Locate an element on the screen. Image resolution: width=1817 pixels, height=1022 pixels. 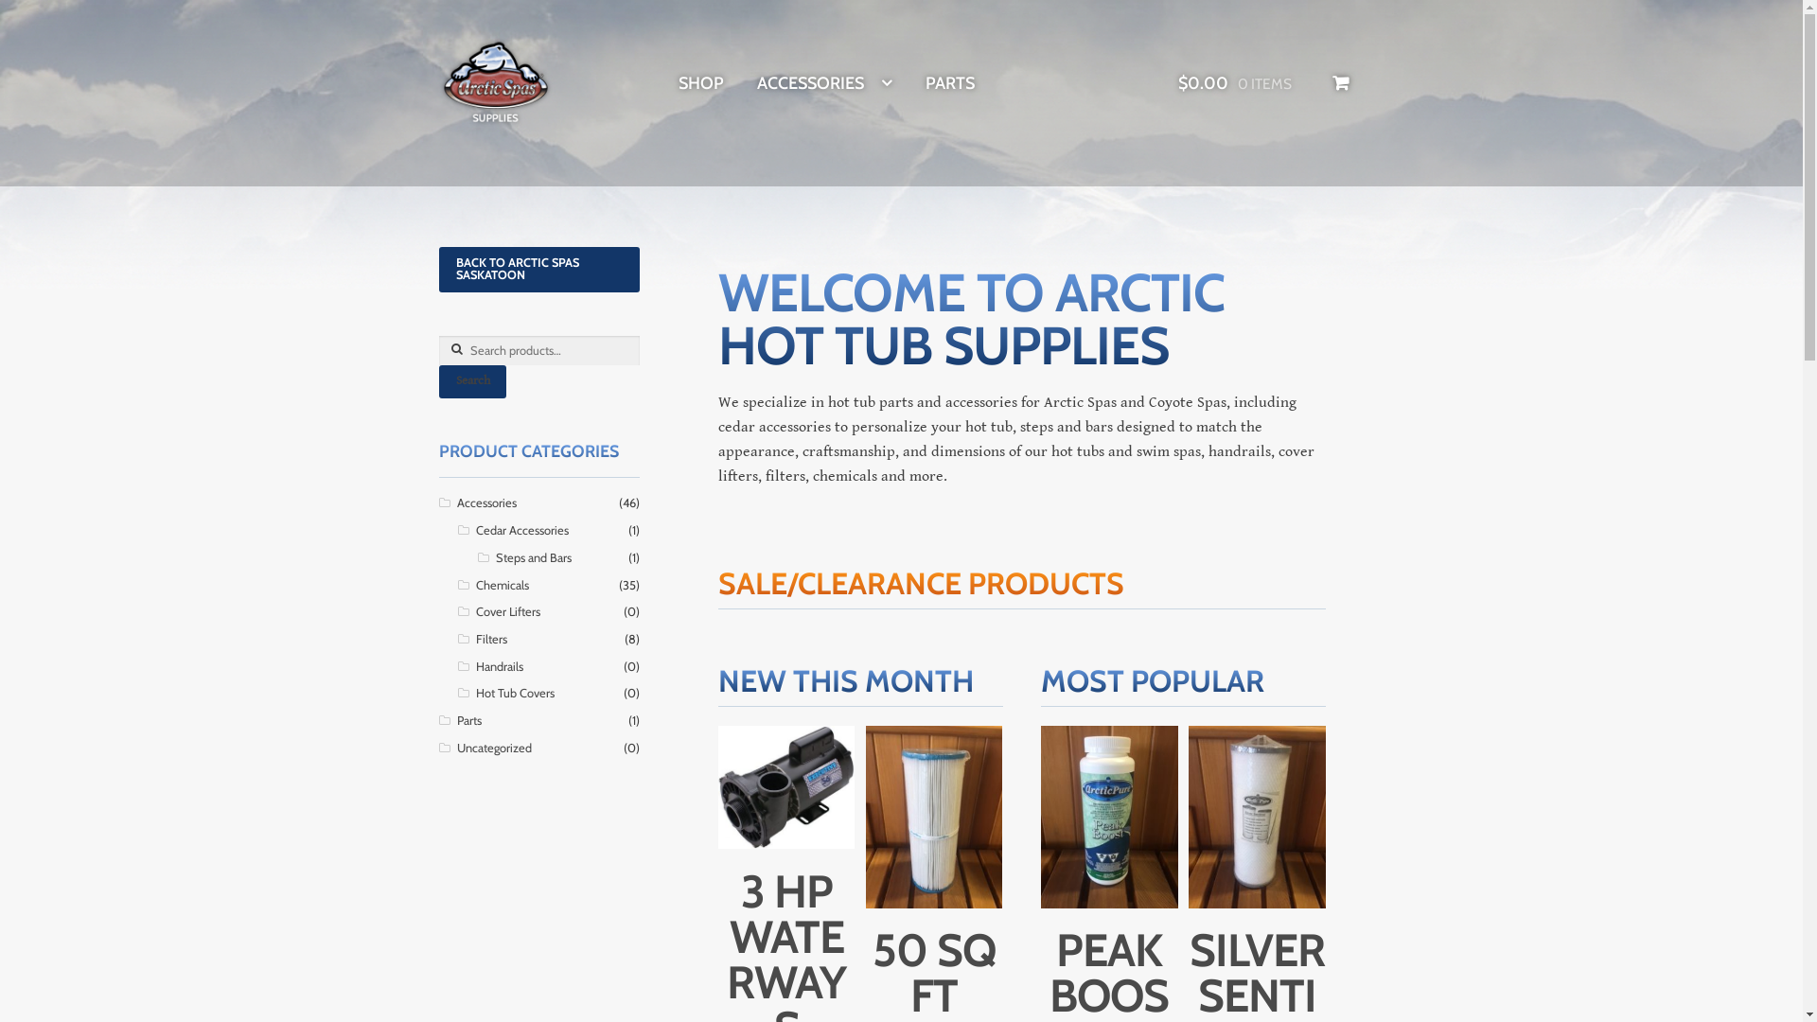
'Search' is located at coordinates (472, 381).